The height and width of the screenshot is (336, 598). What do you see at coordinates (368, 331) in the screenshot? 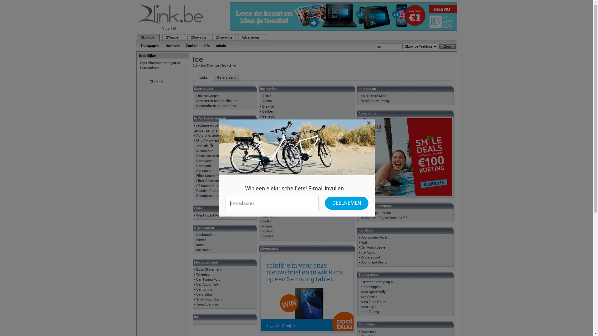
I see `'Automaxx'` at bounding box center [368, 331].